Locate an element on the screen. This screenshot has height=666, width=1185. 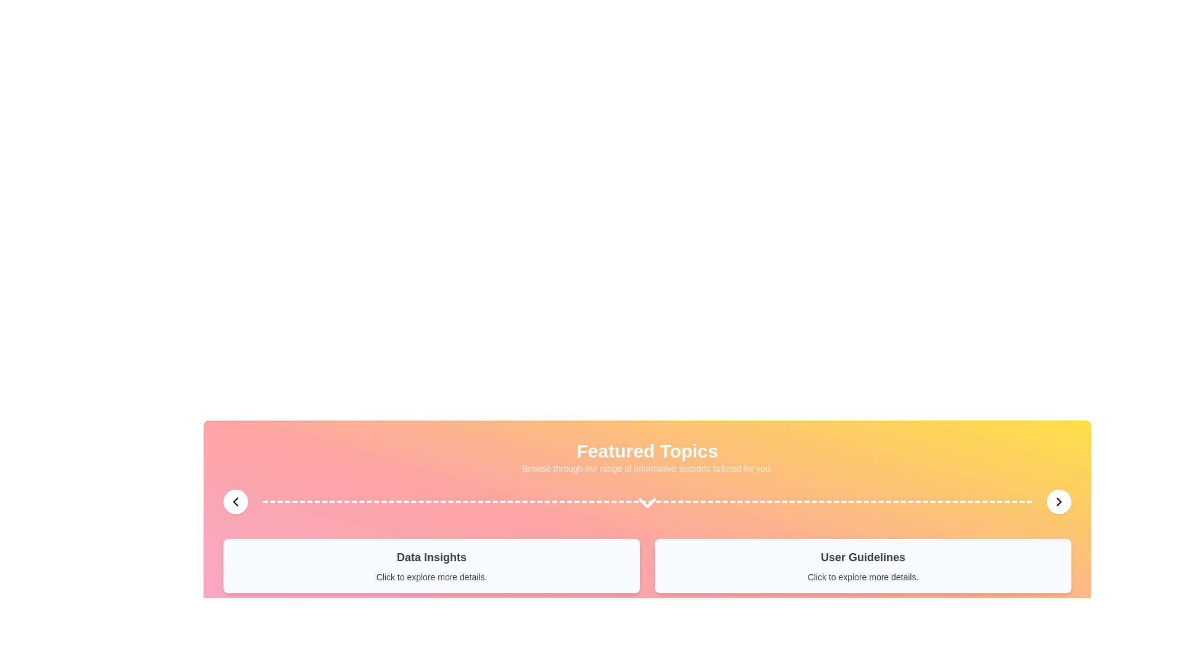
the chevron-shaped arrow icon located in the top-right corner of the featured topics bar to trigger visual feedback is located at coordinates (1058, 501).